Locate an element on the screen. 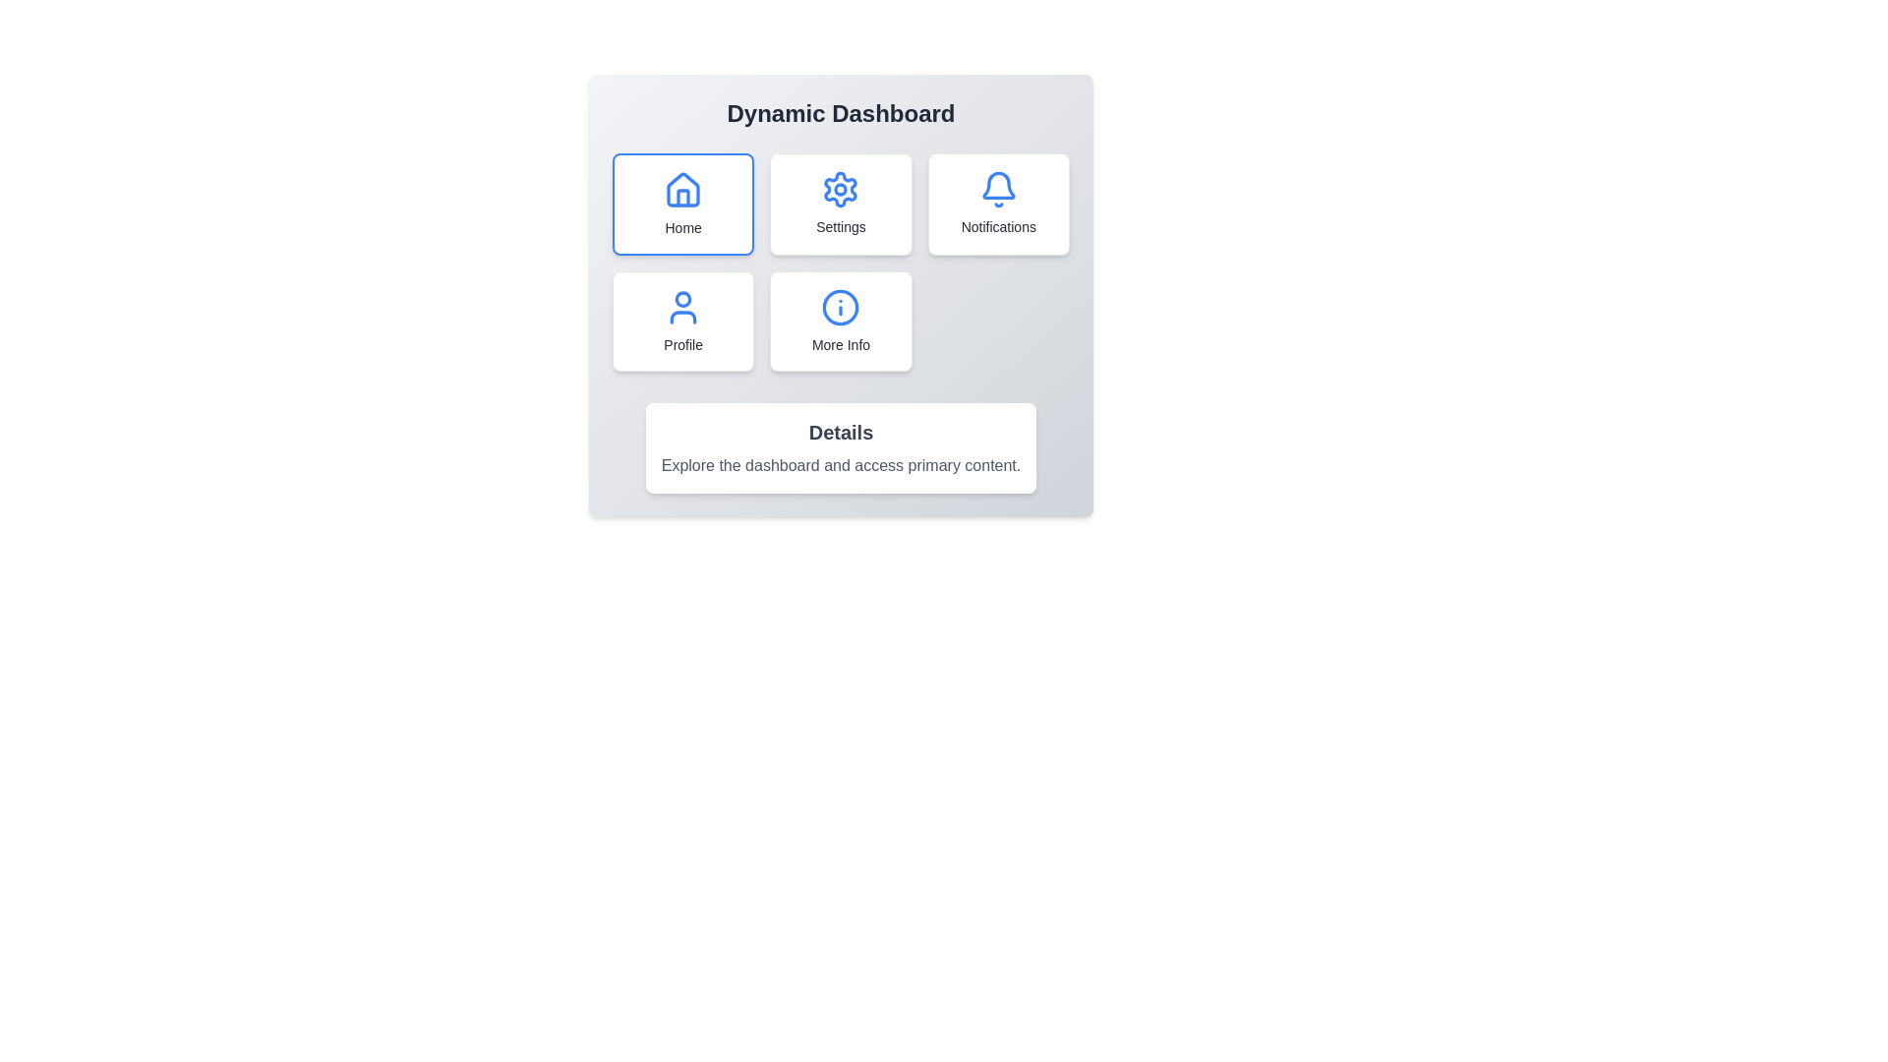  the 'More Info' button, which has a white background, a light gray border, rounded corners, and contains an 'i' icon in a blue circle with 'More Info' text is located at coordinates (841, 321).